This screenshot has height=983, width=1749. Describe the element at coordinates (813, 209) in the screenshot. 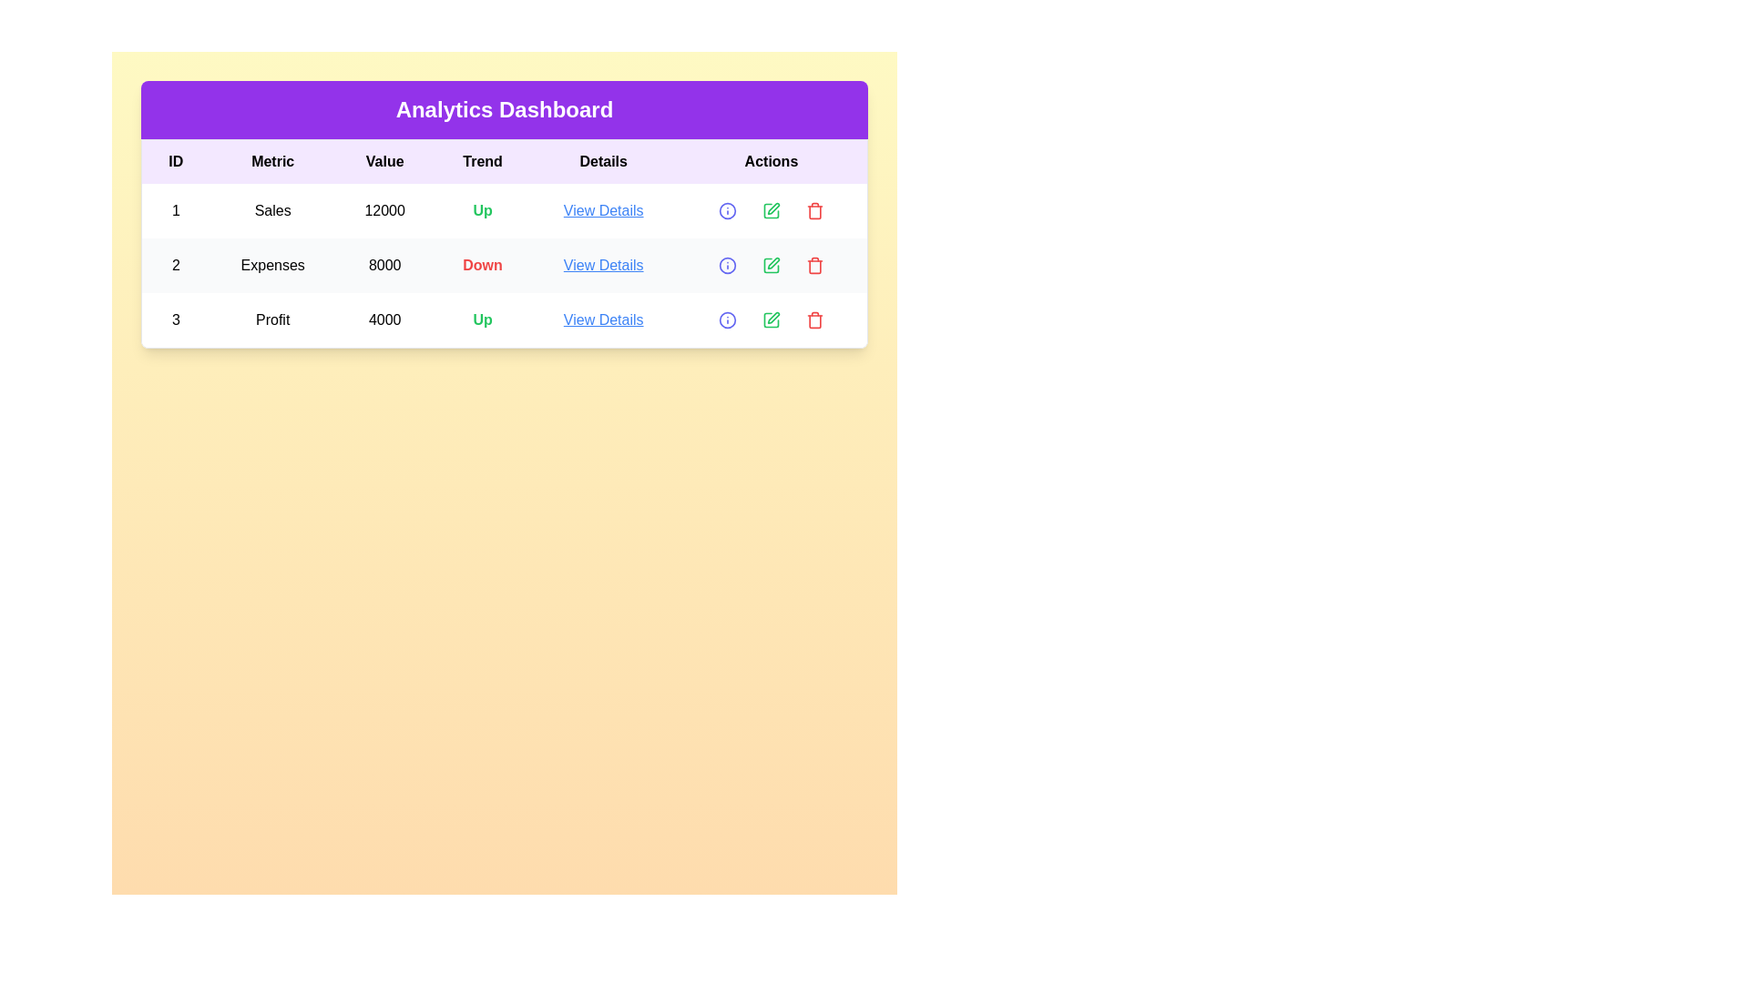

I see `the deletion button in the 'Actions' column of the data table for the 'Sales' metric to possibly display a tooltip outlining its function` at that location.